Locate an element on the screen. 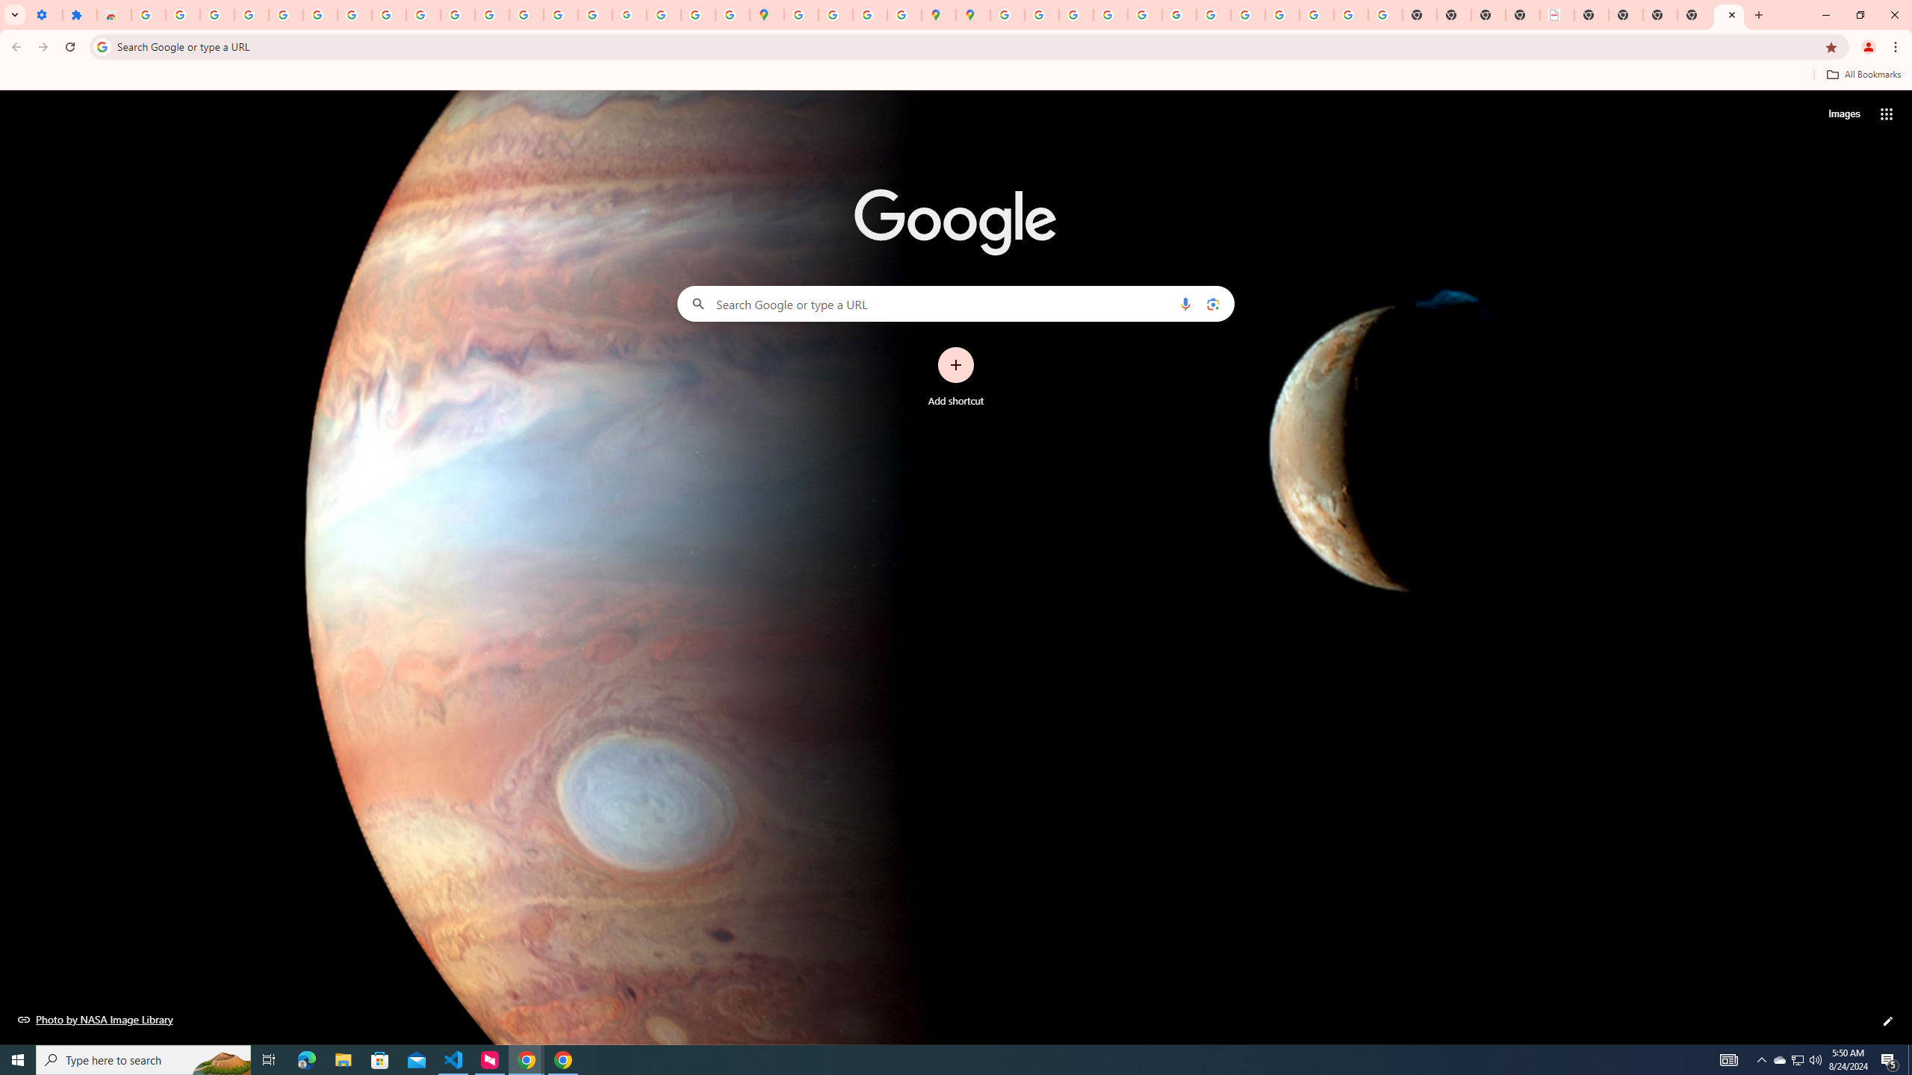 This screenshot has height=1075, width=1912. 'All Bookmarks' is located at coordinates (1863, 74).